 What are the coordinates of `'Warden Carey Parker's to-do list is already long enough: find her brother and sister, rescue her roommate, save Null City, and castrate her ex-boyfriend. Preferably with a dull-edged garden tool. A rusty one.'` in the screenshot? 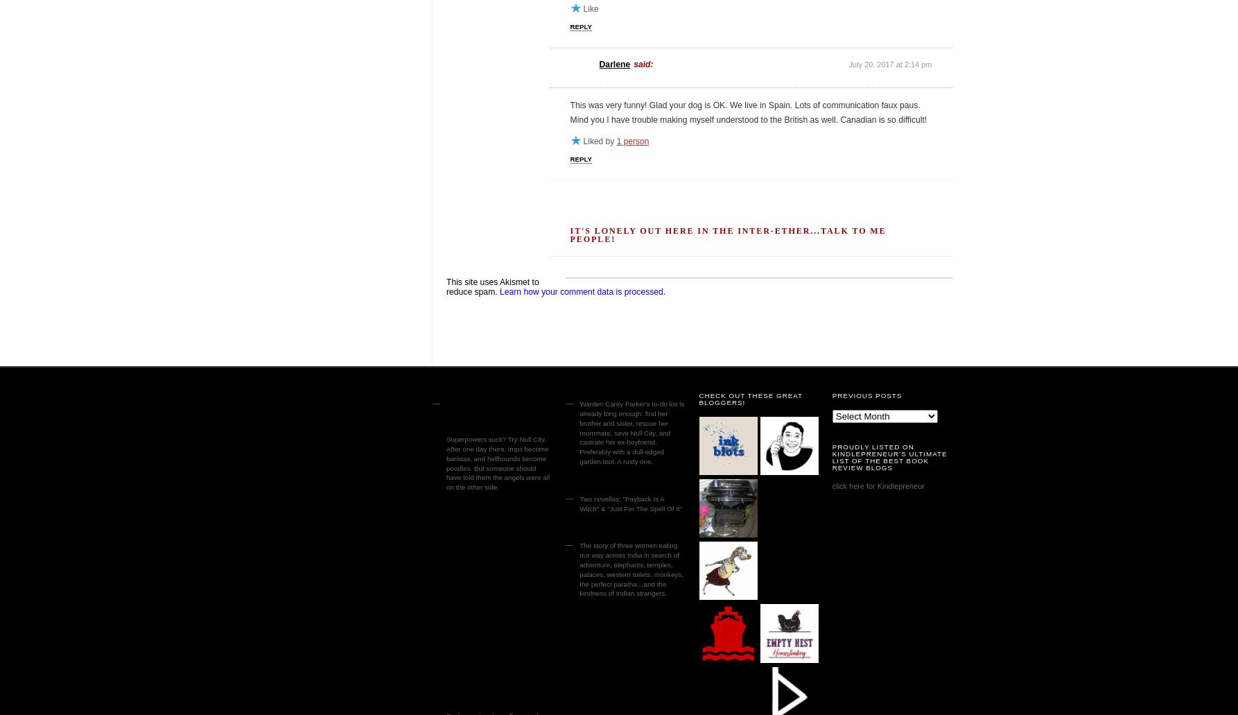 It's located at (631, 432).